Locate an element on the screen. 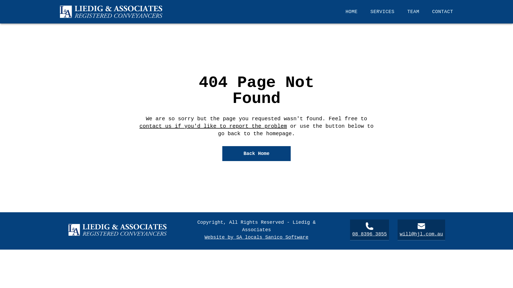 The height and width of the screenshot is (288, 513). 'SERVICES' is located at coordinates (382, 11).